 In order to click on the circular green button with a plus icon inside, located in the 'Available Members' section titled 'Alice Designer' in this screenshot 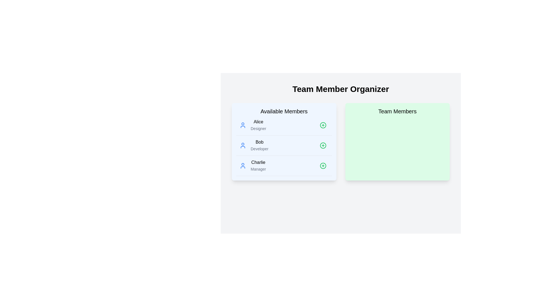, I will do `click(323, 125)`.